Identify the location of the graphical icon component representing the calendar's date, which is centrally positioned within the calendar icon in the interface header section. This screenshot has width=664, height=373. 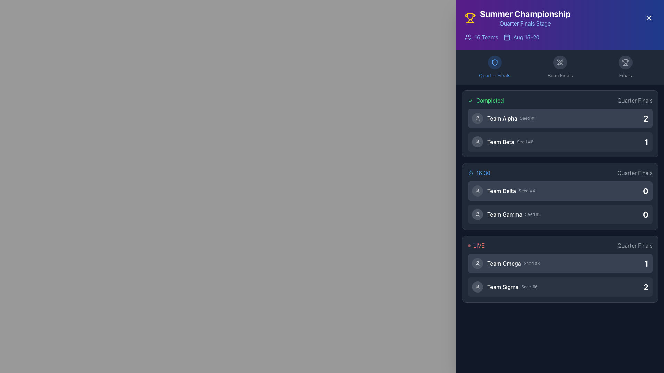
(507, 37).